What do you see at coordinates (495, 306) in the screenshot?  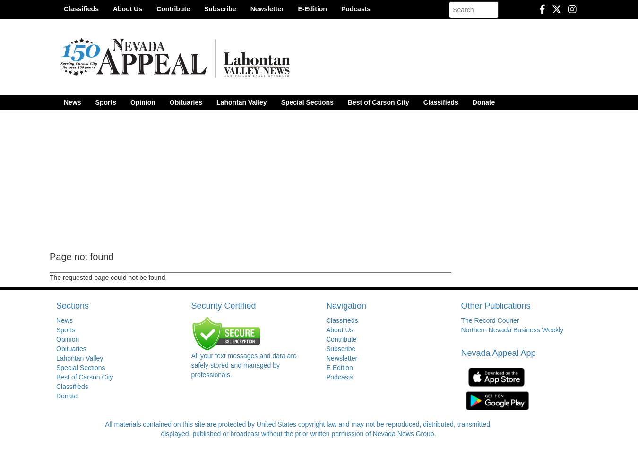 I see `'Other Publications'` at bounding box center [495, 306].